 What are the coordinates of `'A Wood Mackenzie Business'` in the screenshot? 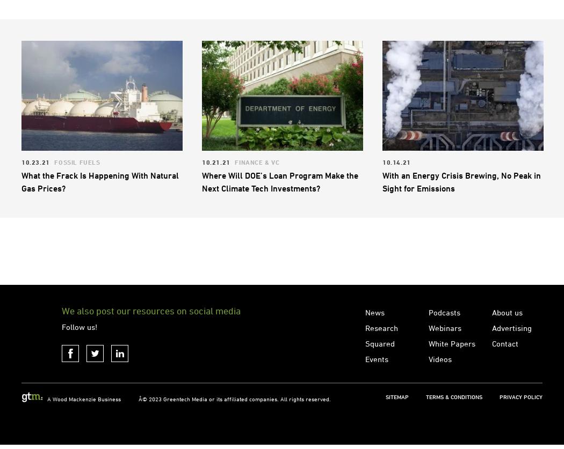 It's located at (84, 441).